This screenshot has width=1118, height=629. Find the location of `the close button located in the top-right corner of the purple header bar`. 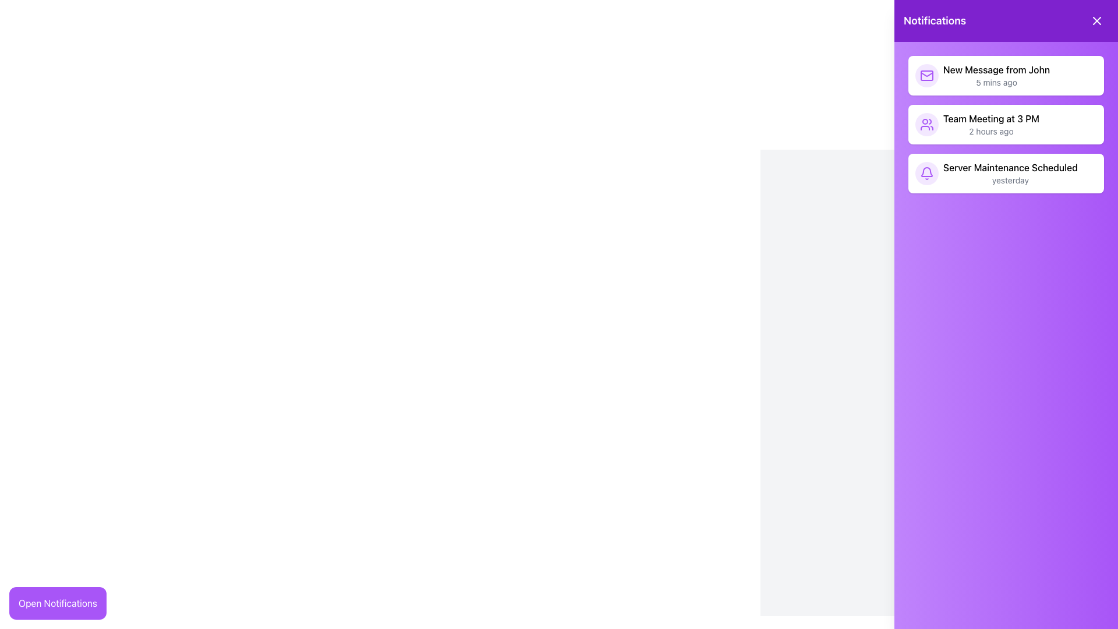

the close button located in the top-right corner of the purple header bar is located at coordinates (1096, 20).